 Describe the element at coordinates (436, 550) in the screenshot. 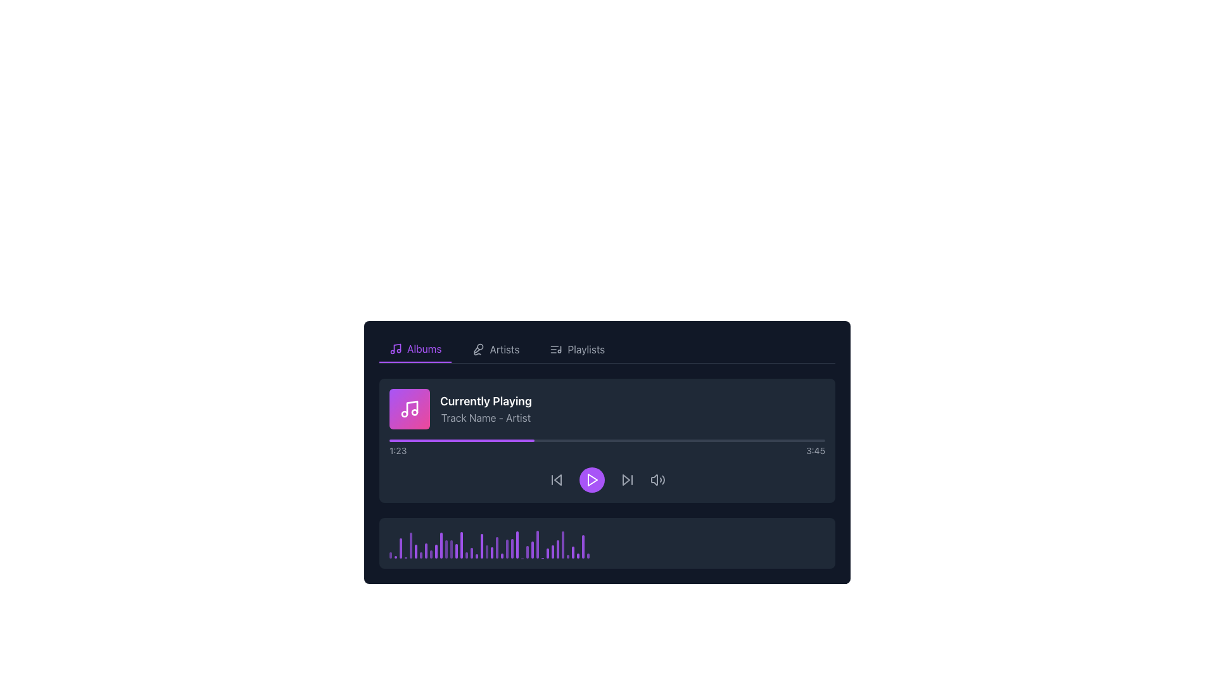

I see `the 10th bar from the left in the audio visualization bar chart located at the bottom of the interface` at that location.